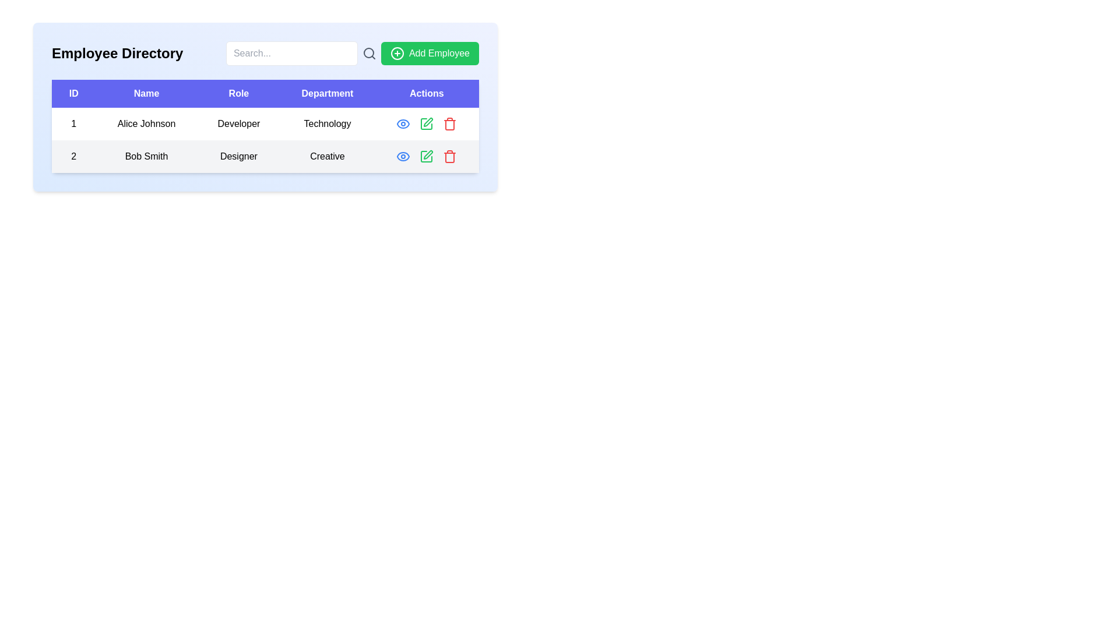 Image resolution: width=1119 pixels, height=629 pixels. What do you see at coordinates (397, 54) in the screenshot?
I see `the circular green icon with a plus symbol at the top-right corner of the UI, next to the 'Add Employee' button` at bounding box center [397, 54].